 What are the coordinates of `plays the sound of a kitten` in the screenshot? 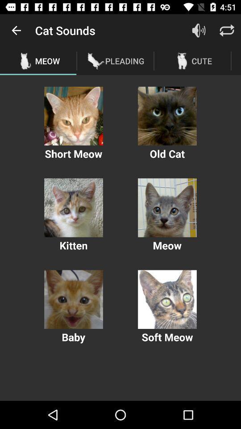 It's located at (73, 208).